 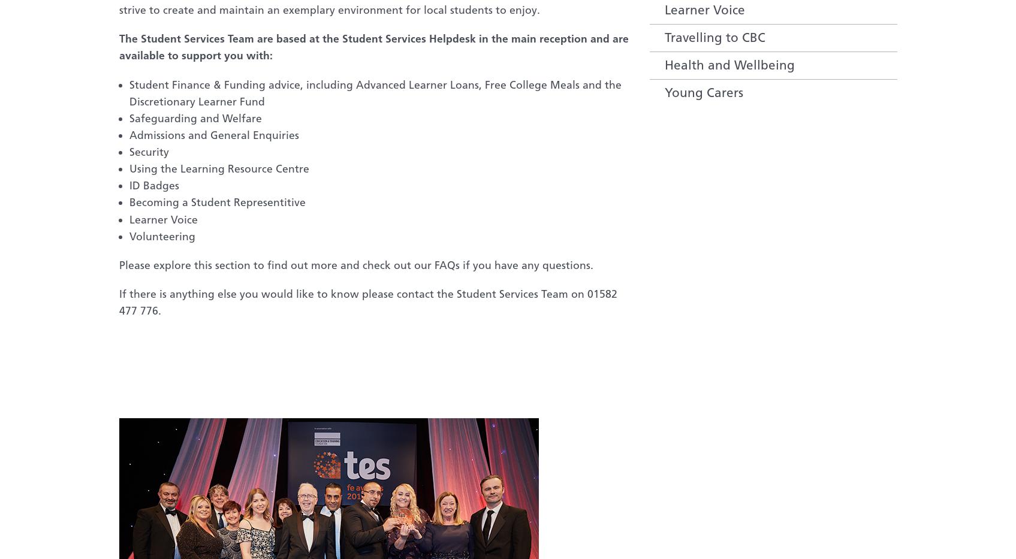 What do you see at coordinates (703, 91) in the screenshot?
I see `'Young Carers'` at bounding box center [703, 91].